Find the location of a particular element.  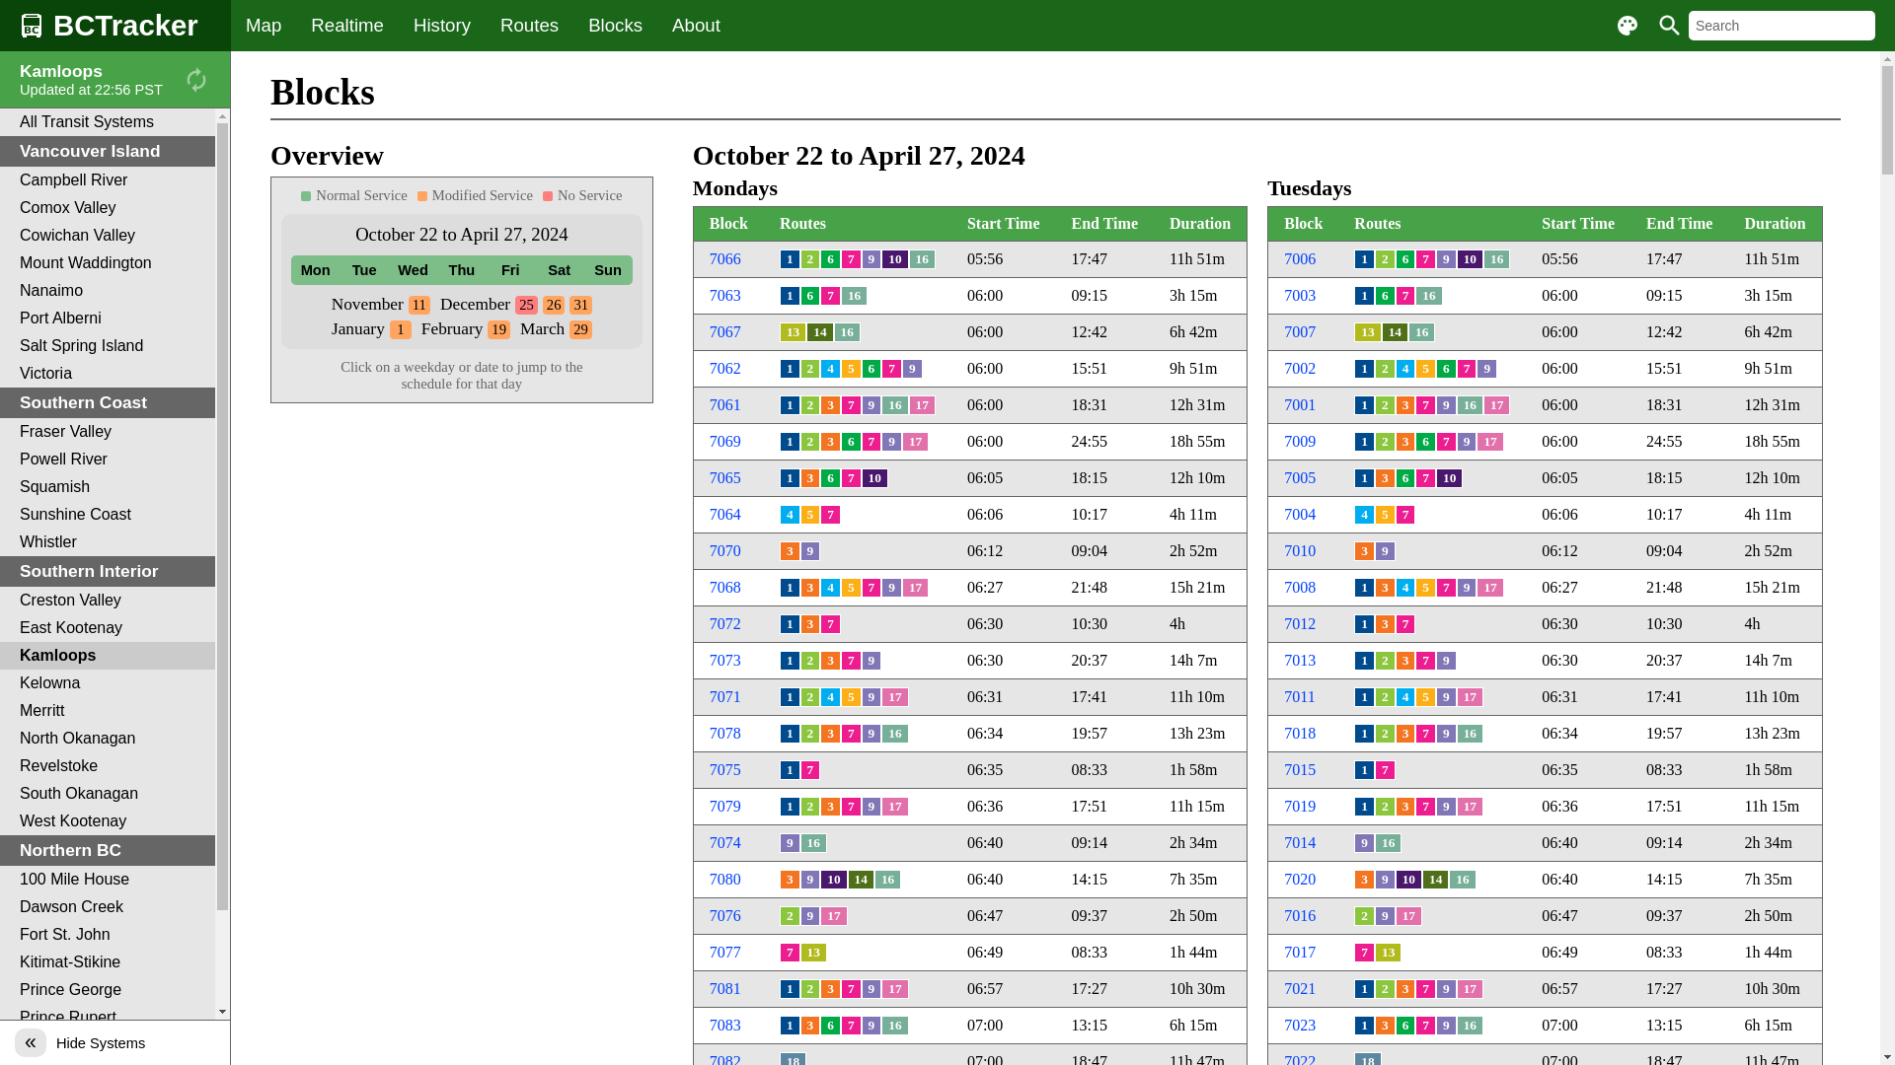

'7021' is located at coordinates (1299, 988).